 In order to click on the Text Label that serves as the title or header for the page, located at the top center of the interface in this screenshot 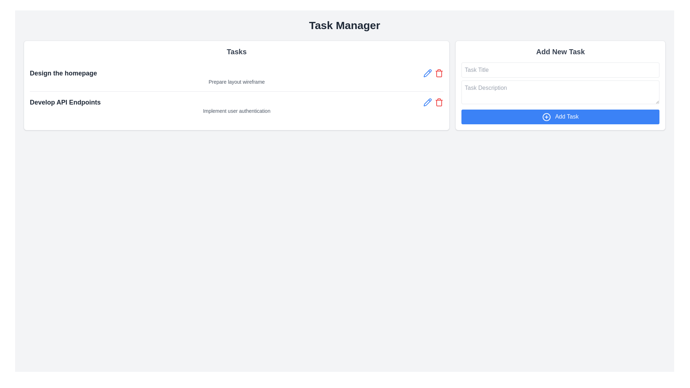, I will do `click(344, 25)`.